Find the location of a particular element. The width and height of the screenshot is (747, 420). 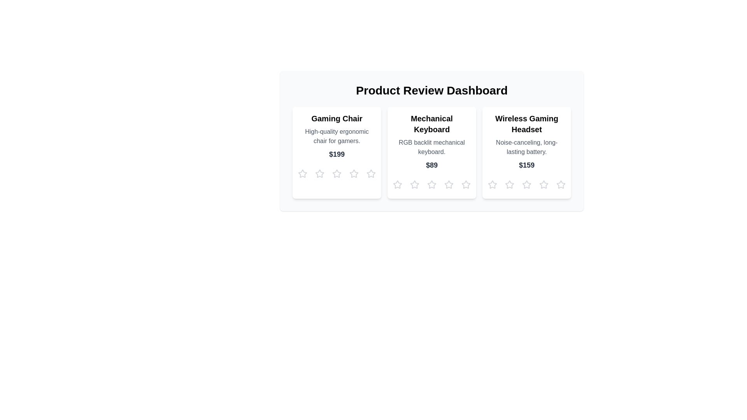

the star corresponding to 1 for the product Mechanical Keyboard is located at coordinates (398, 184).